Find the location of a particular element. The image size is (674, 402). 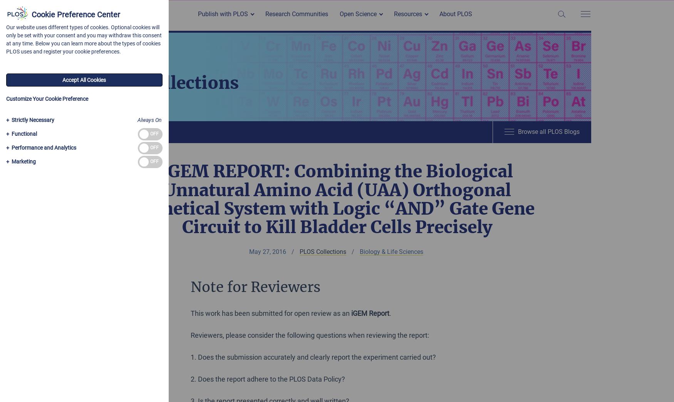

'Open Methods' is located at coordinates (362, 66).